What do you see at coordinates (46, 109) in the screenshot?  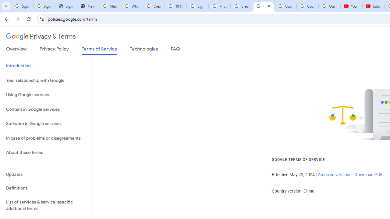 I see `'Content in Google services'` at bounding box center [46, 109].